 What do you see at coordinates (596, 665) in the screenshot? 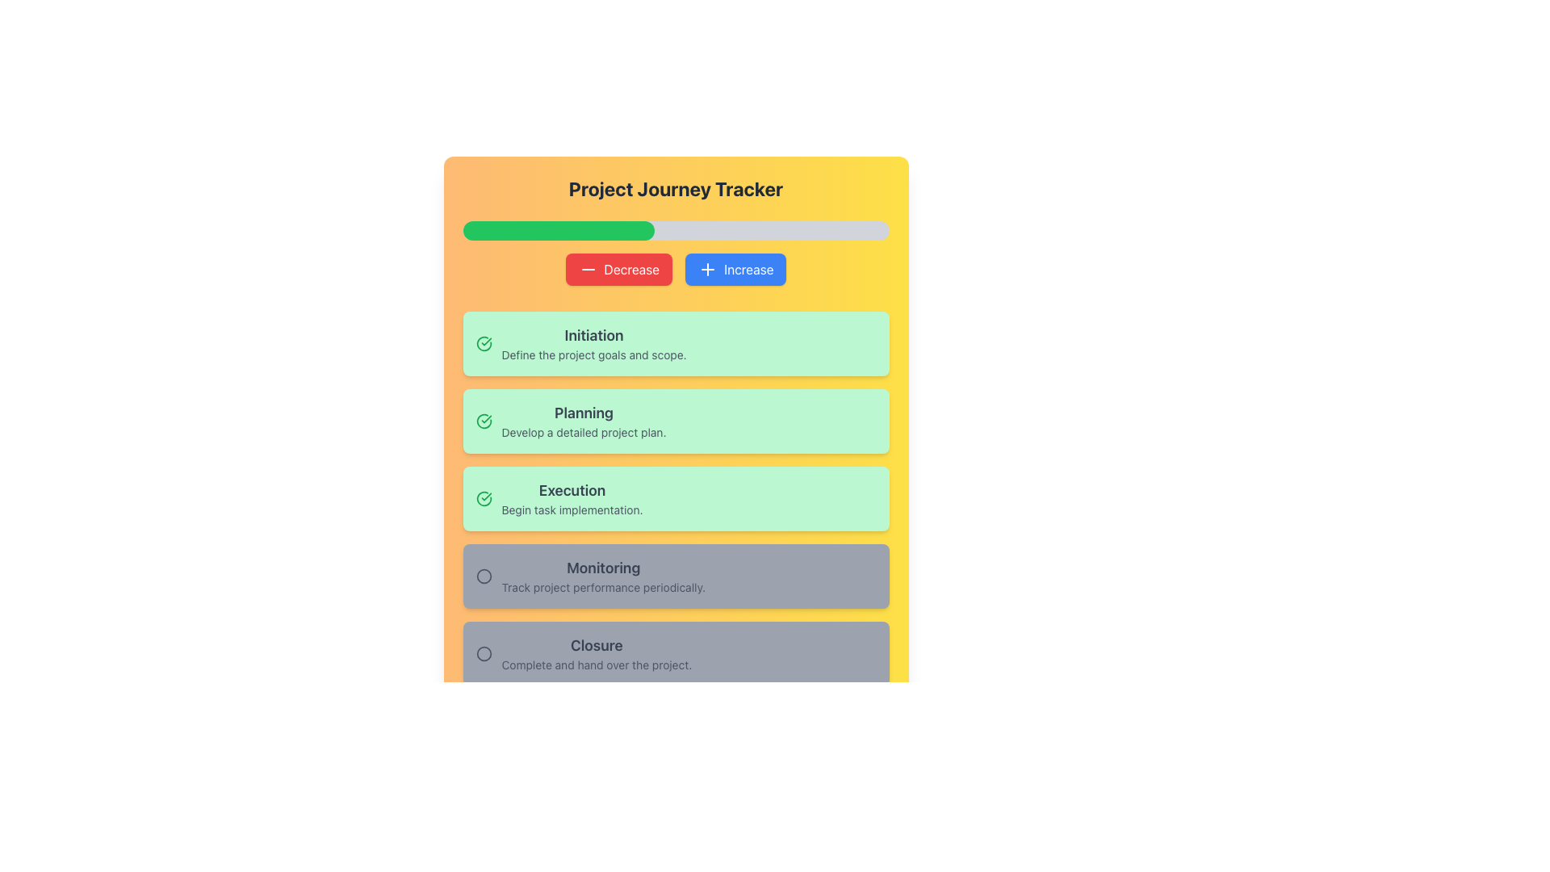
I see `the text element reading 'Complete and hand over the project.' which is styled in gray and located at the bottom-most list of tasks under the 'Closure' label` at bounding box center [596, 665].